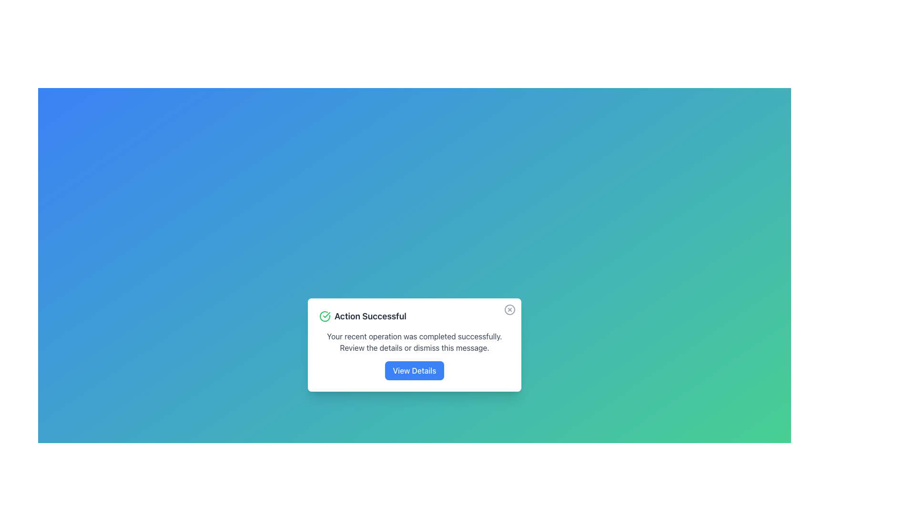  I want to click on the text block that says 'Your recent operation was completed successfully. Review the details or dismiss this message.' located centrally within the popup modal, so click(414, 341).